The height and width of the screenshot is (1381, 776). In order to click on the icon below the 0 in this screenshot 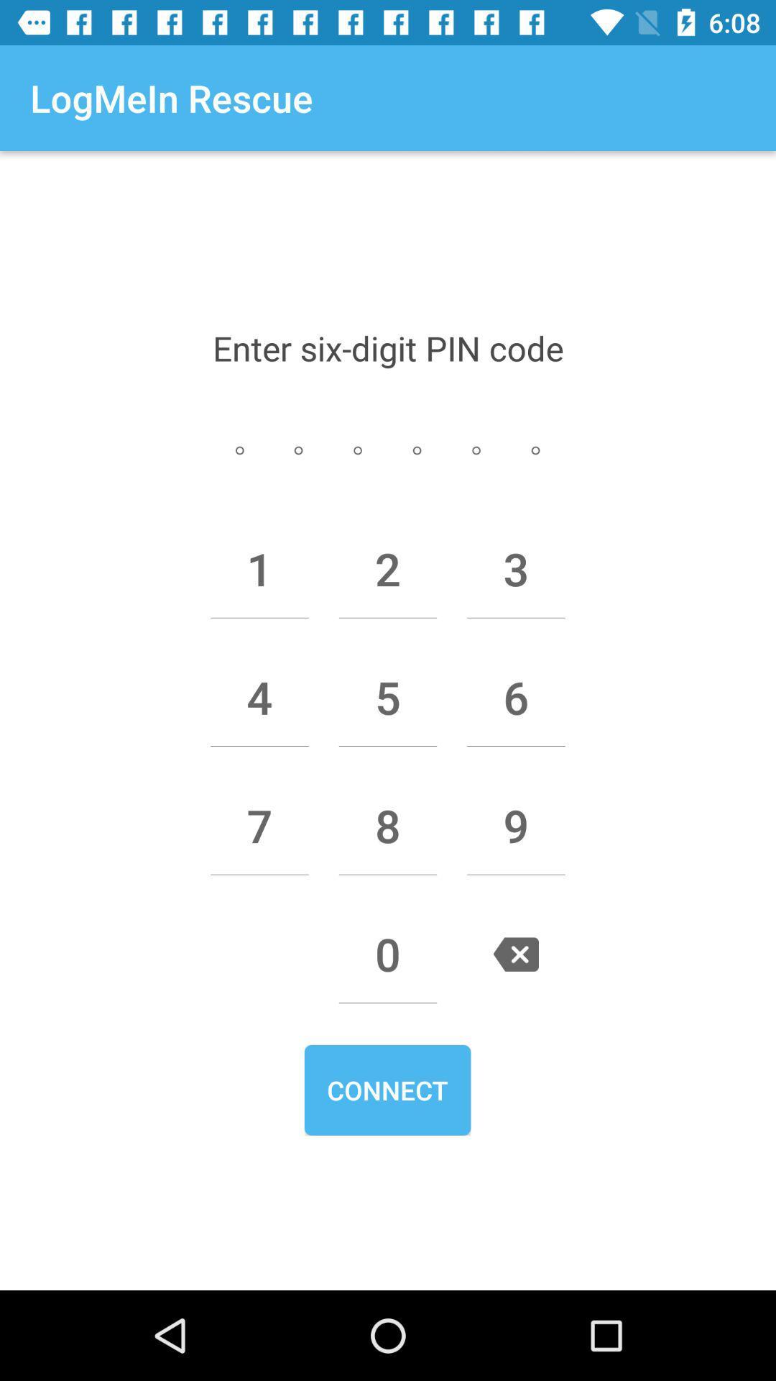, I will do `click(387, 1090)`.